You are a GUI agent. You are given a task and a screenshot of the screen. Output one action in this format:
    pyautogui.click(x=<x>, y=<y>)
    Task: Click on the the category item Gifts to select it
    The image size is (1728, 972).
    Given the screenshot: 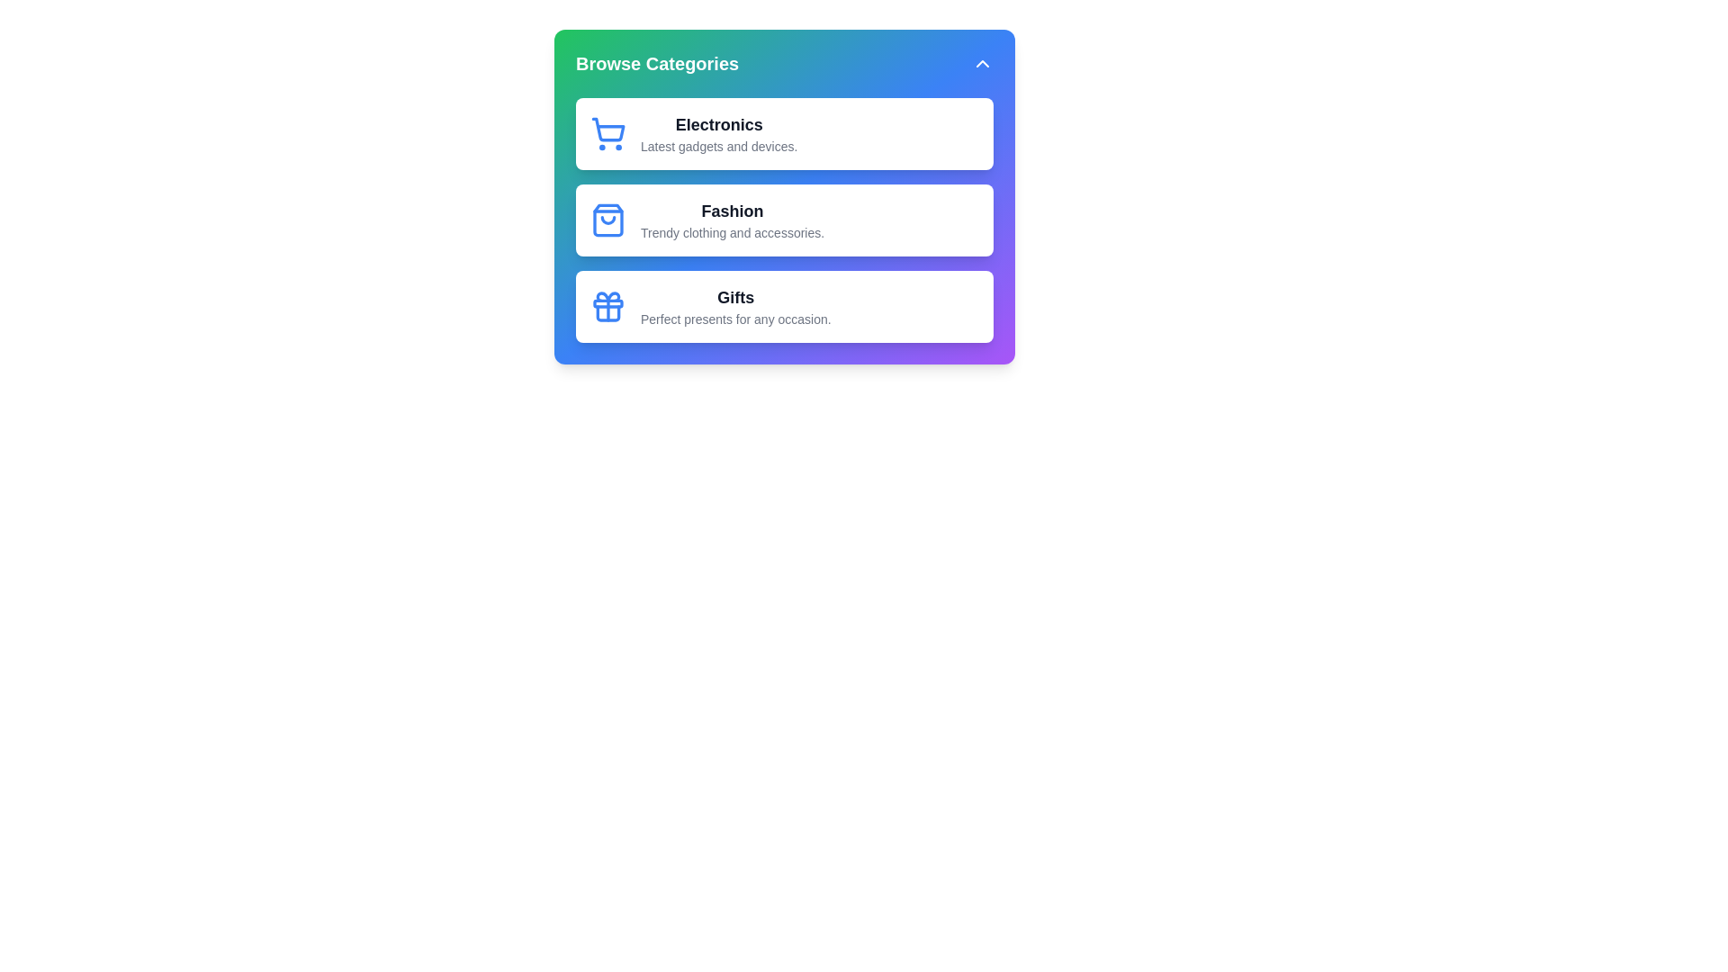 What is the action you would take?
    pyautogui.click(x=785, y=305)
    